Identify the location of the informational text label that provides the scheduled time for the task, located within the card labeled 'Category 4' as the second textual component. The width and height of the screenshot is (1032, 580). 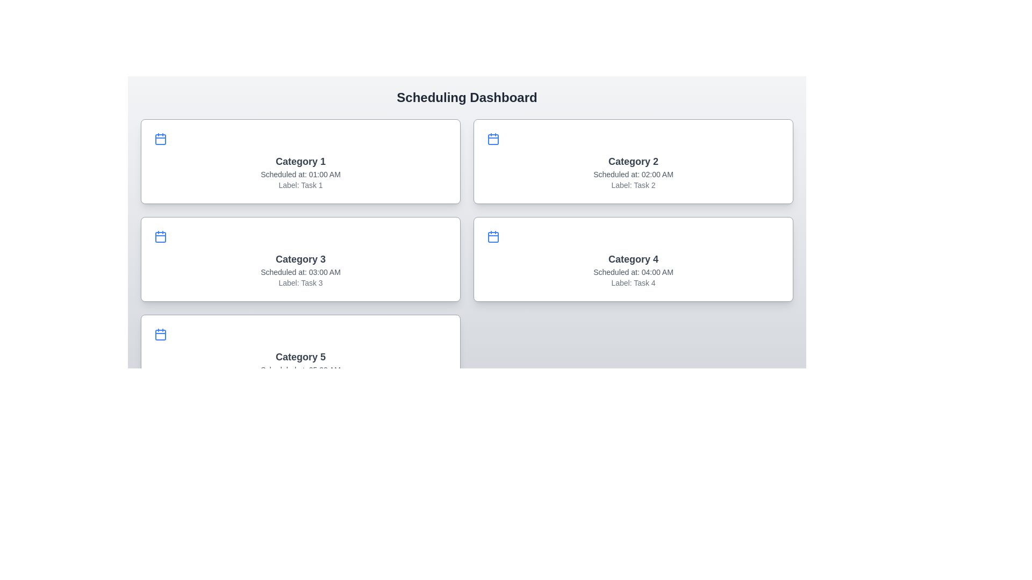
(633, 271).